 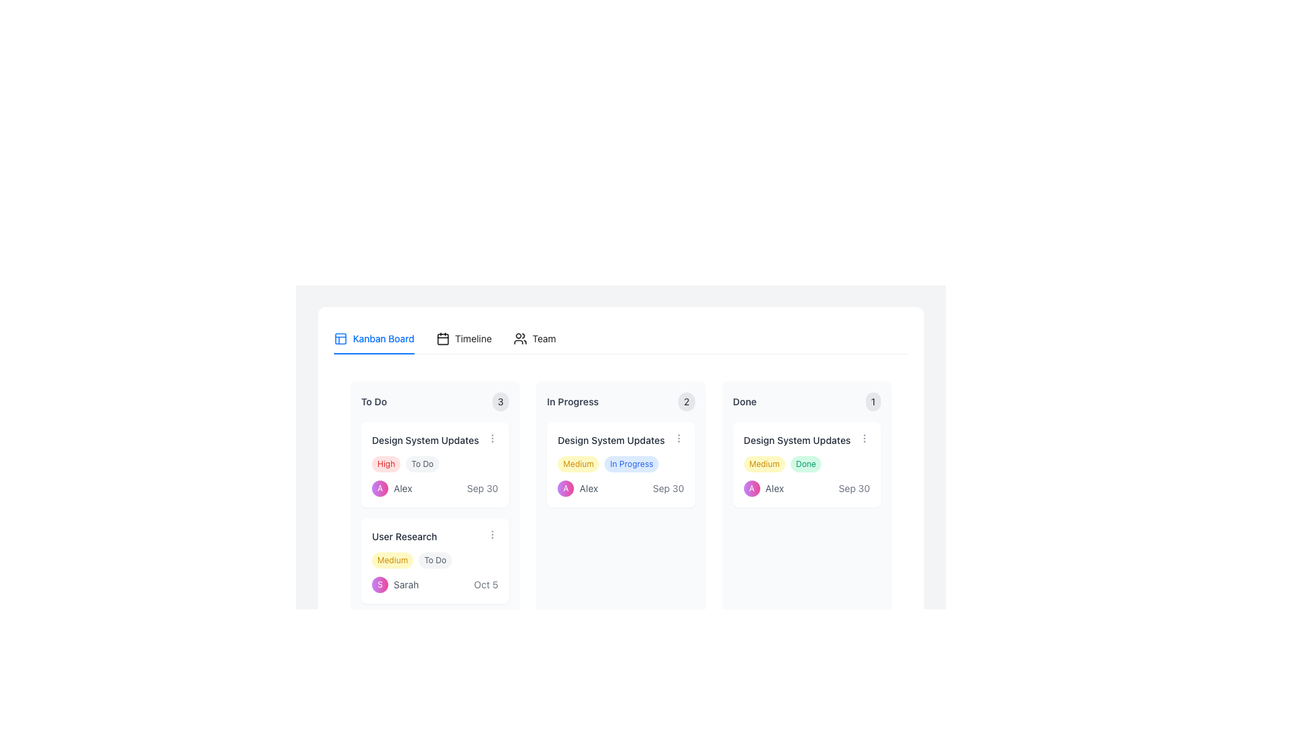 I want to click on the header element that summarizes the 'Done' section, which includes the label 'Done' and the badge displaying the number '1', so click(x=806, y=401).